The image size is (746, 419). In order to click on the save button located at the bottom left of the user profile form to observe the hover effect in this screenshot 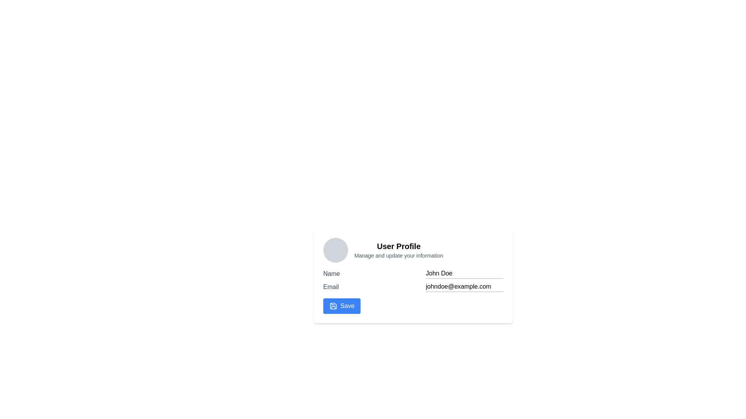, I will do `click(342, 306)`.